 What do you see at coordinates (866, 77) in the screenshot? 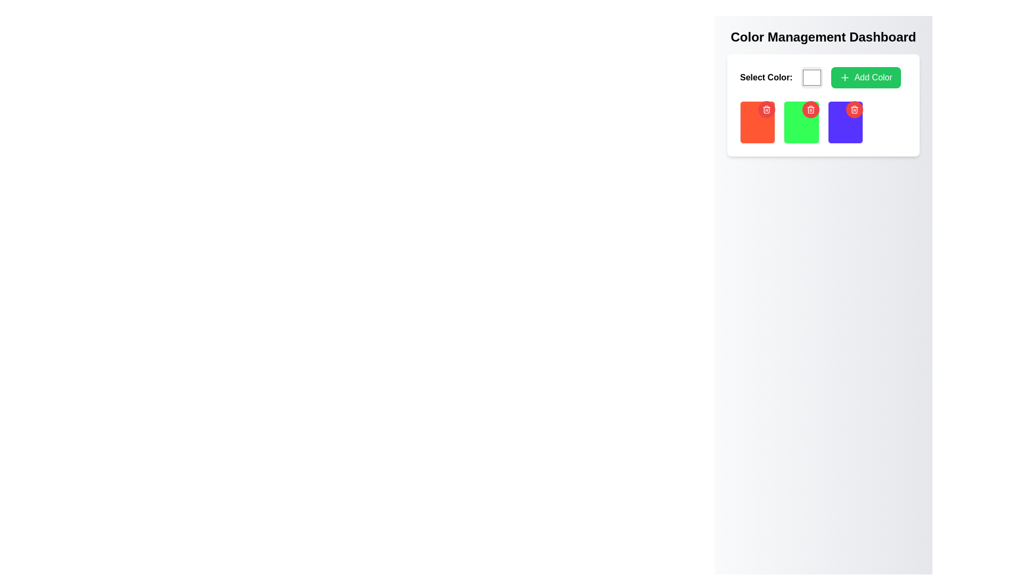
I see `the 'Add Color' button, which is a rectangular button with rounded corners, filled with a green background and displaying white text along with a plus icon, located in the top-right corner of the color selection area` at bounding box center [866, 77].